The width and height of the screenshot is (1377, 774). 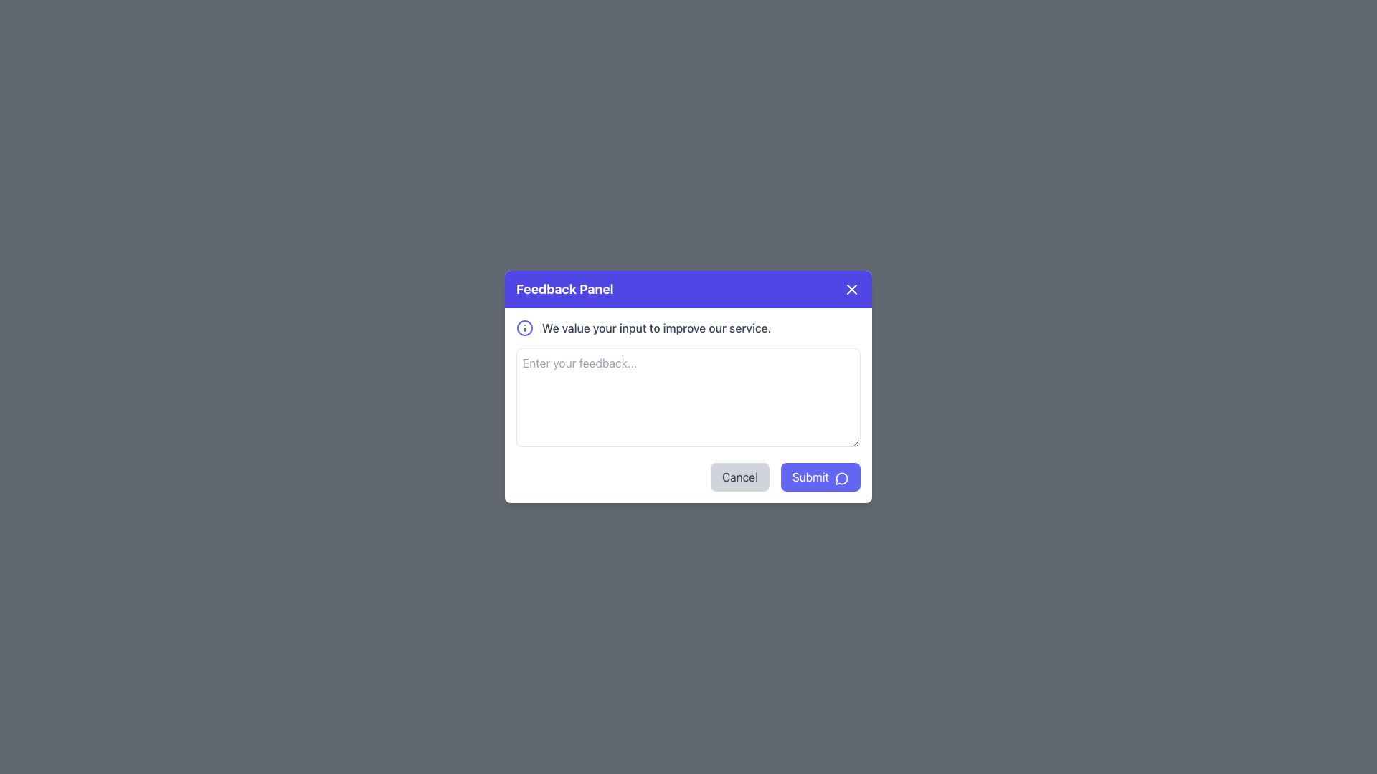 I want to click on the Text Label that states 'We value your input to improve our service.' positioned near the top of the feedback panel, adjacent to the information icon, so click(x=656, y=328).